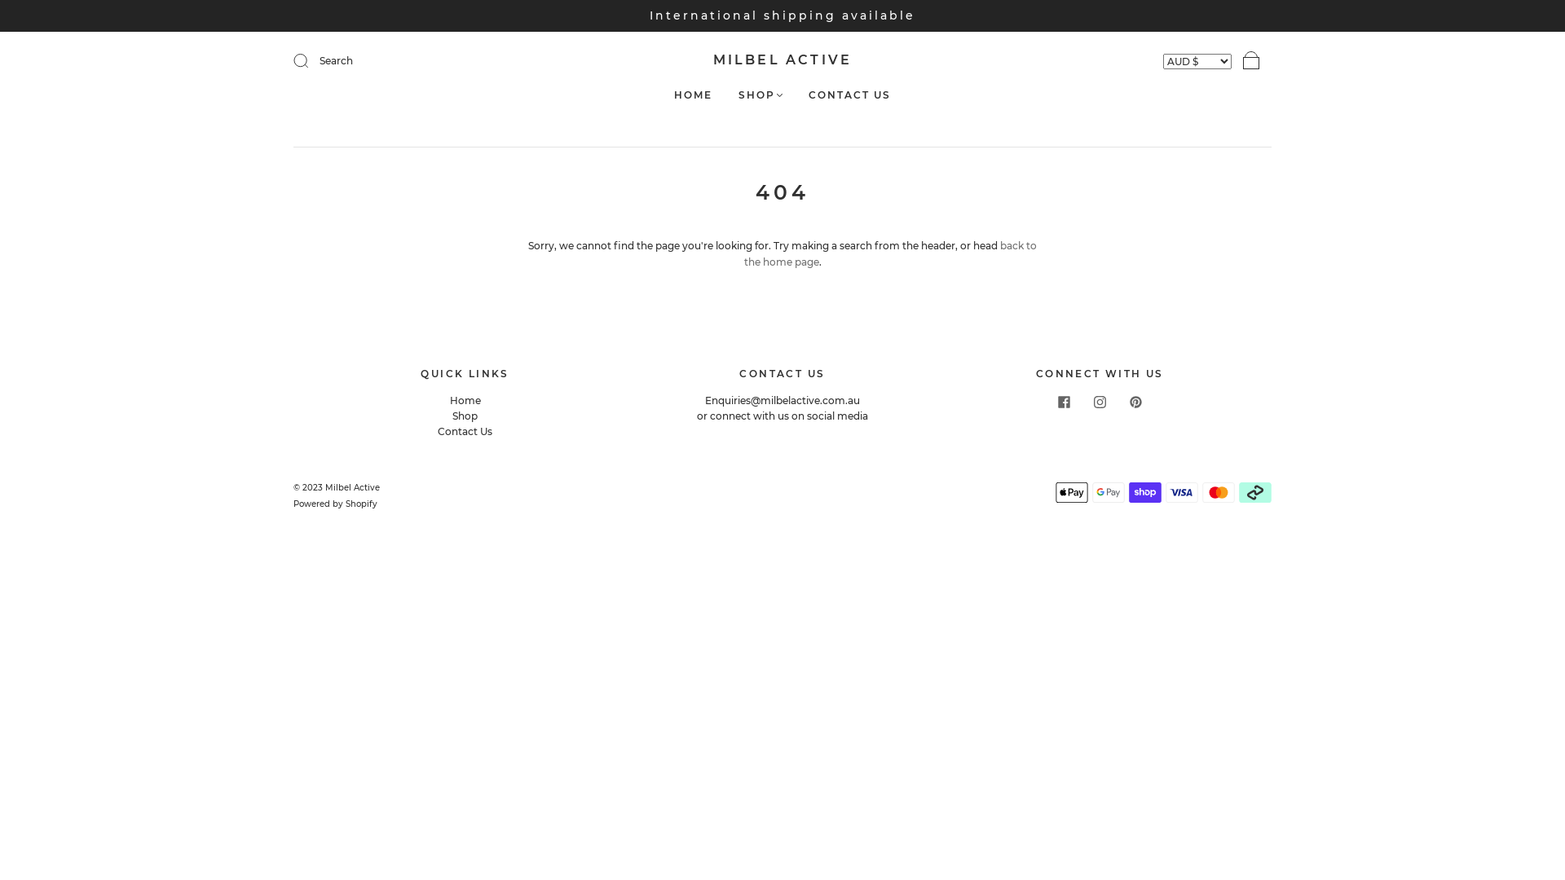  I want to click on 'SHOP', so click(759, 95).